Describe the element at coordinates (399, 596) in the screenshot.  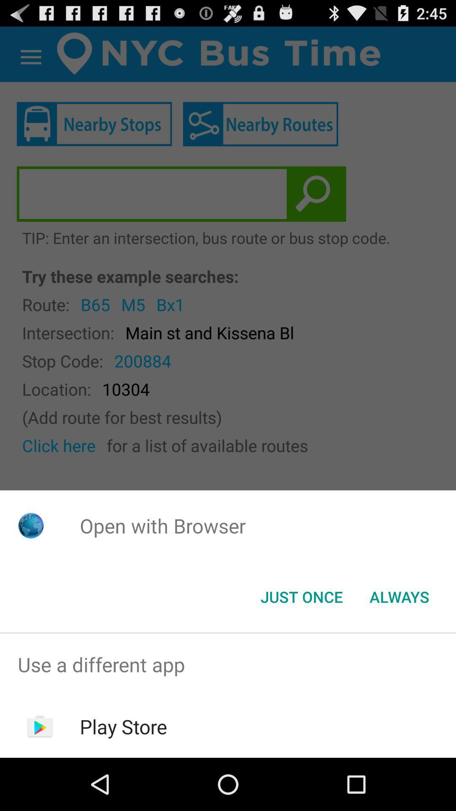
I see `the always icon` at that location.